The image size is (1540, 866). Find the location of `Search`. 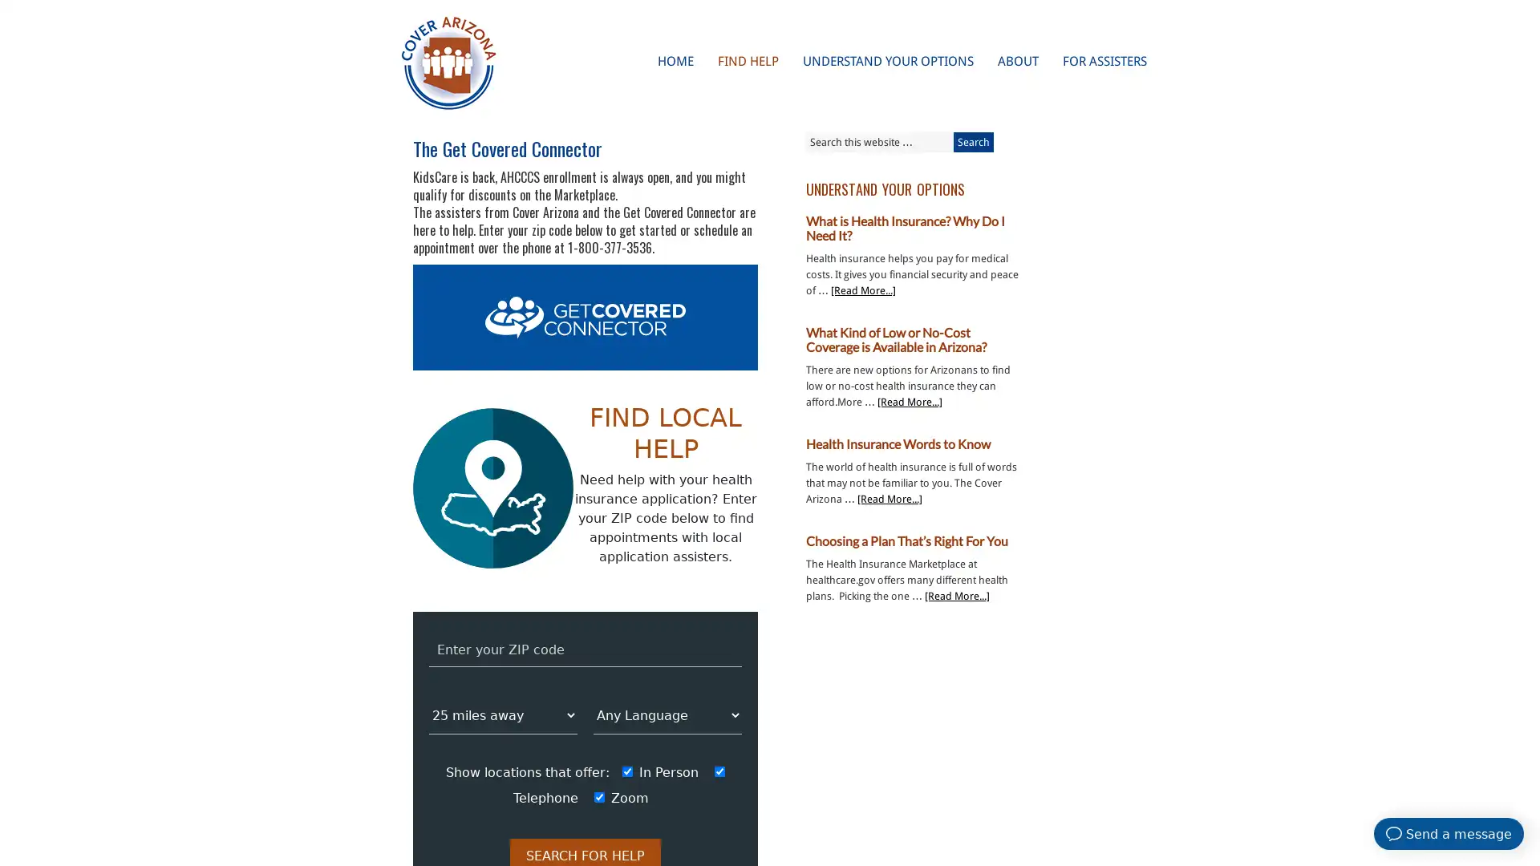

Search is located at coordinates (973, 141).